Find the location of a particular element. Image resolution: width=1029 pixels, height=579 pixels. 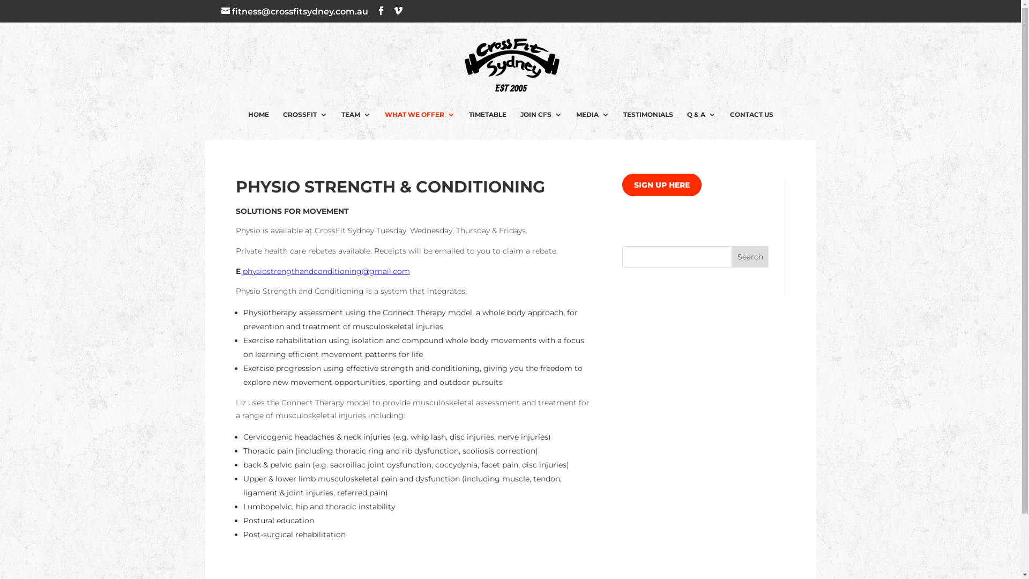

'SIGN UP HERE' is located at coordinates (661, 184).